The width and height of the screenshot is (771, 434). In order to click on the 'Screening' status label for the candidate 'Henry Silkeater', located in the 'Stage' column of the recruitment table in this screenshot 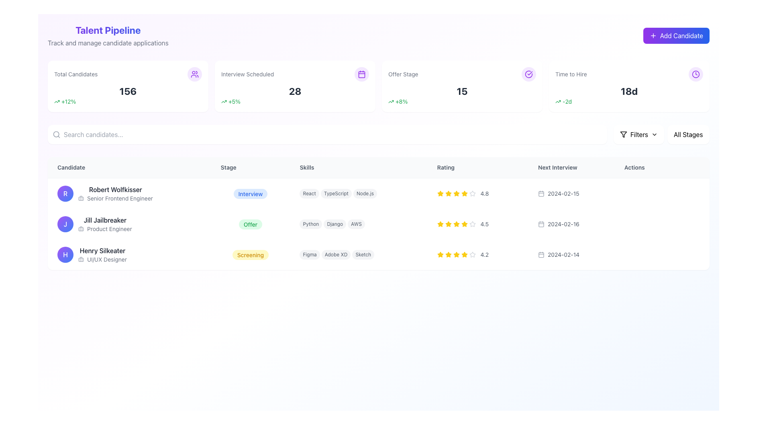, I will do `click(250, 254)`.